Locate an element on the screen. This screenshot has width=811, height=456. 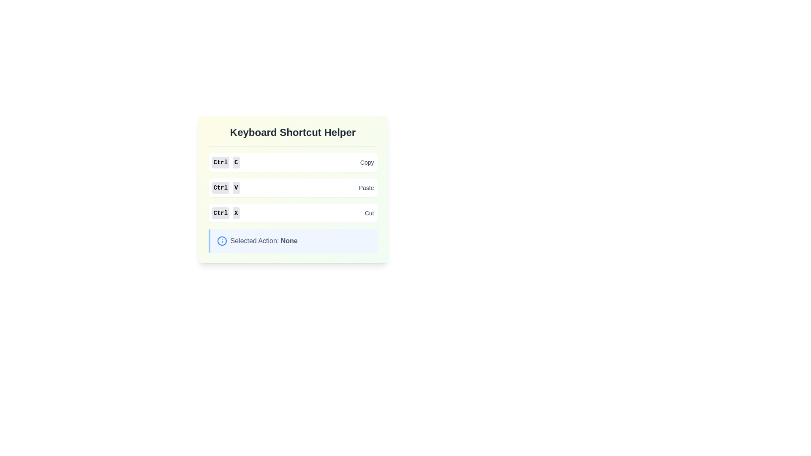
the 'Ctrl' key visual representation in the second row of the keyboard shortcuts list is located at coordinates (220, 187).